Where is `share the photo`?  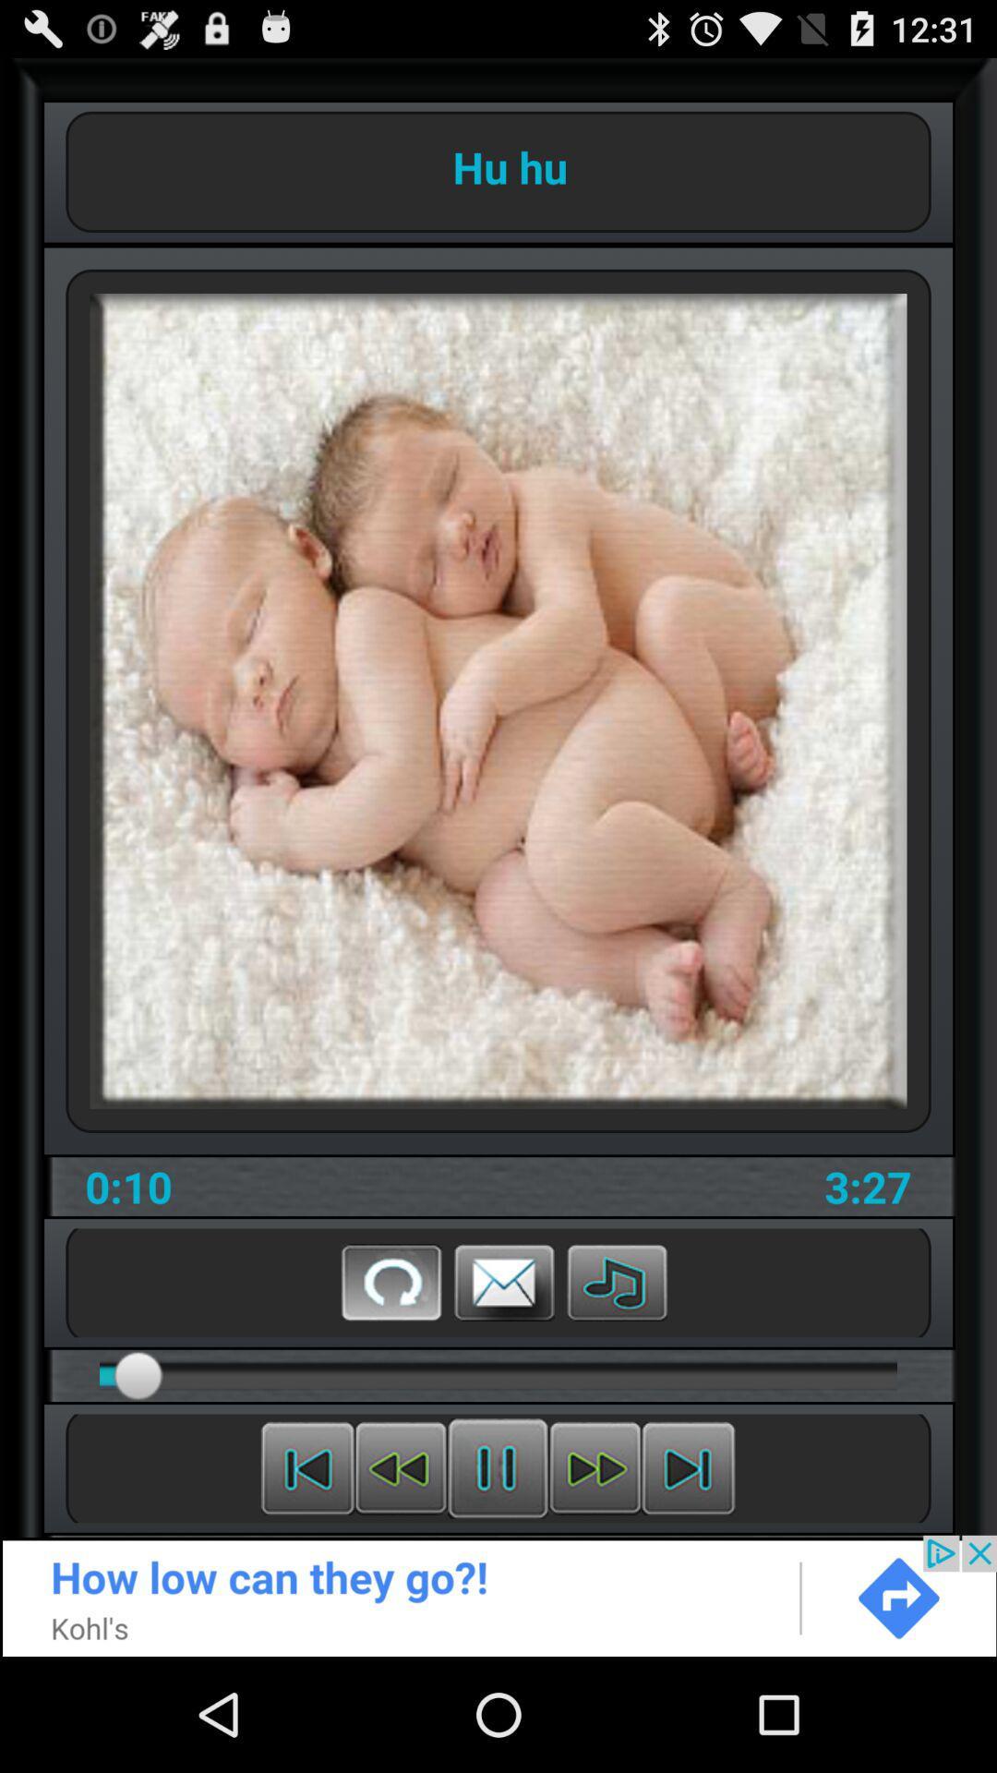 share the photo is located at coordinates (504, 1281).